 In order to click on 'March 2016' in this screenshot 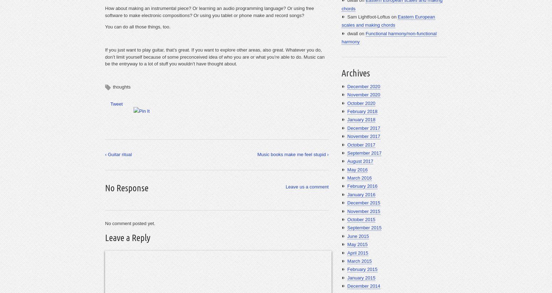, I will do `click(359, 177)`.